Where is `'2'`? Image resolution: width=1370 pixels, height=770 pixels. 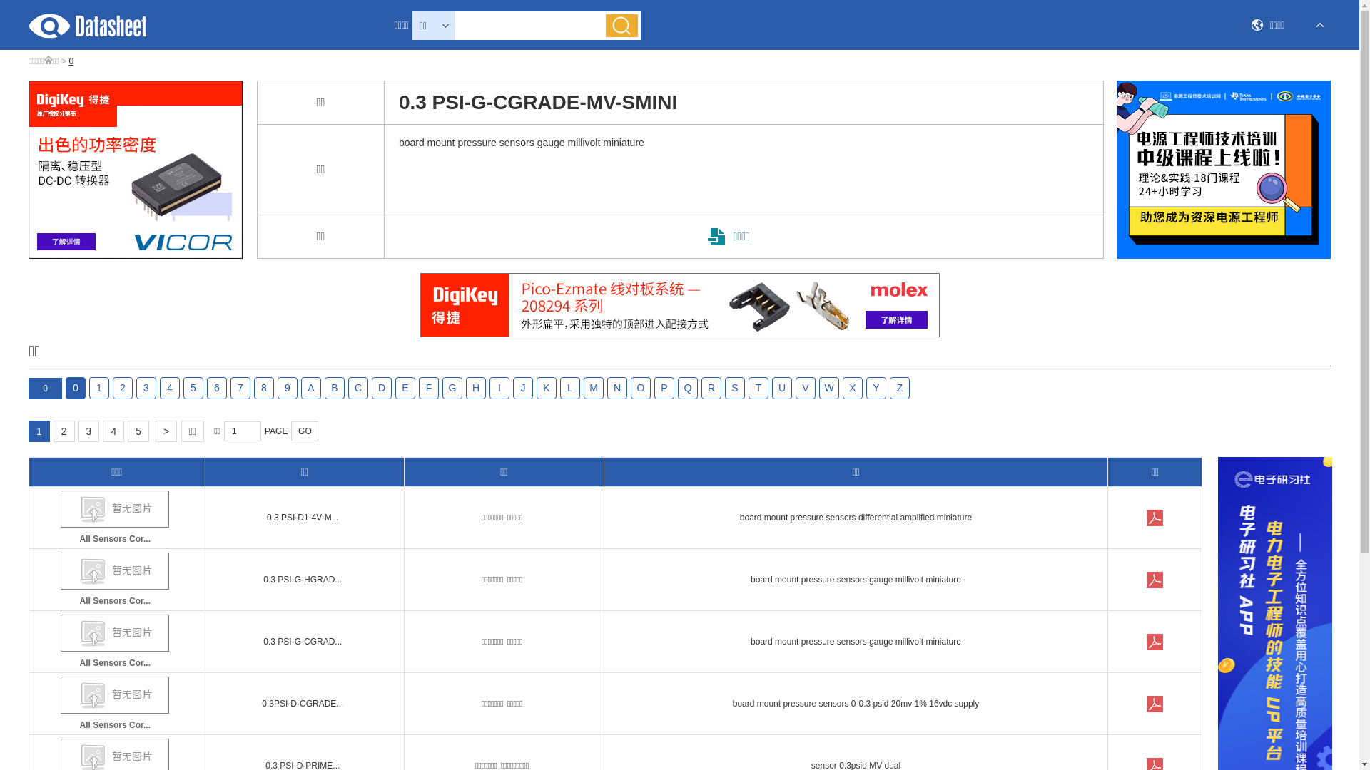 '2' is located at coordinates (64, 431).